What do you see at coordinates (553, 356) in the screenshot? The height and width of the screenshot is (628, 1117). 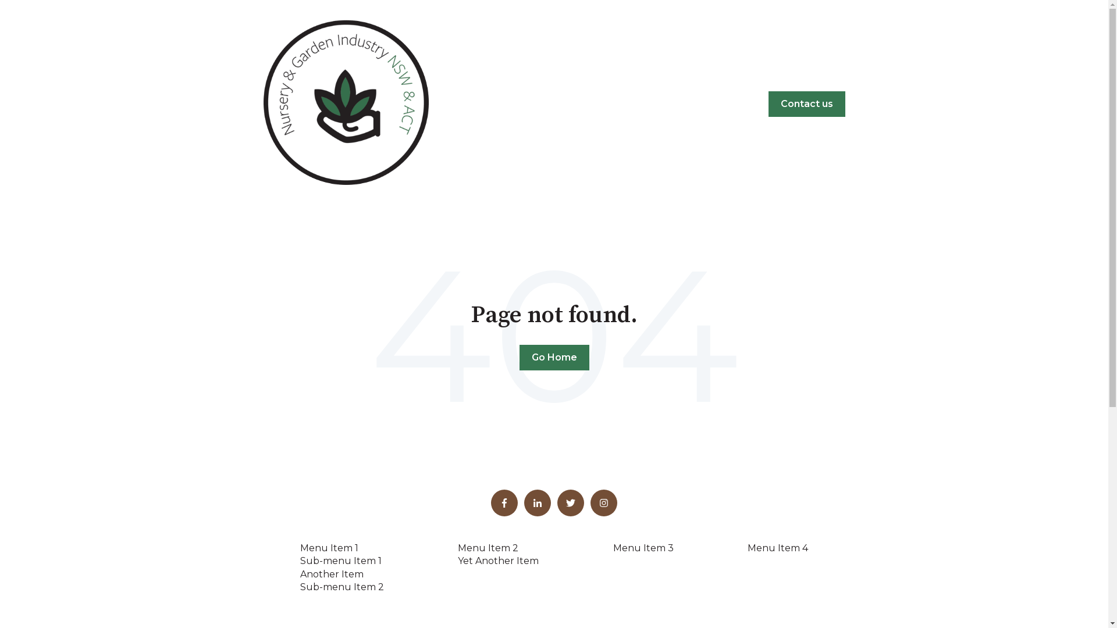 I see `'Go Home'` at bounding box center [553, 356].